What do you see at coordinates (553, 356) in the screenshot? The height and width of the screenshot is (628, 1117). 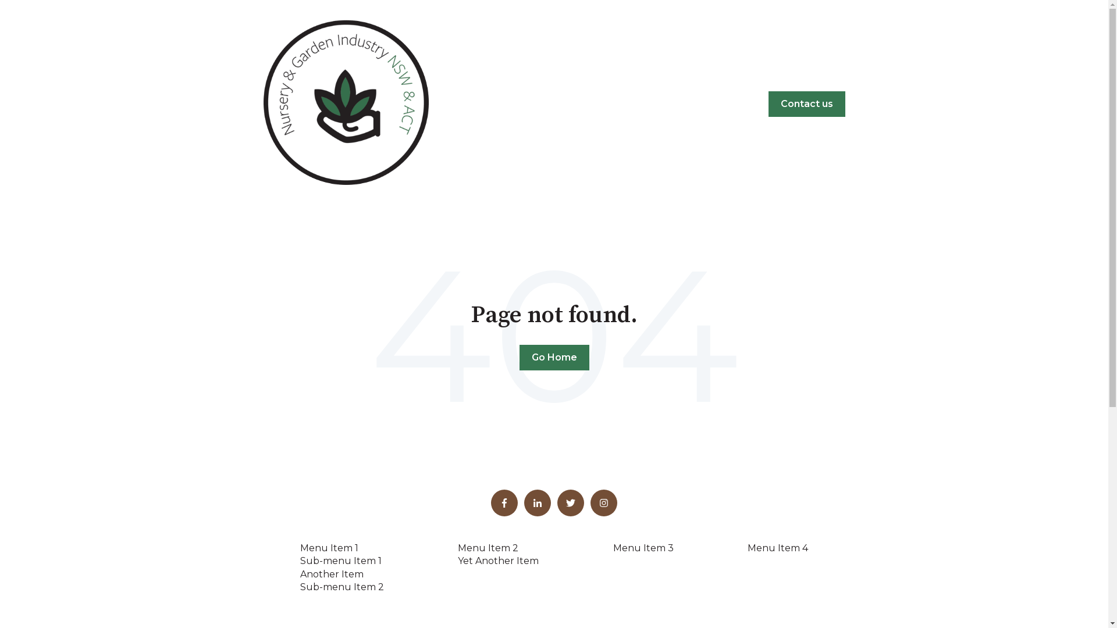 I see `'Go Home'` at bounding box center [553, 356].